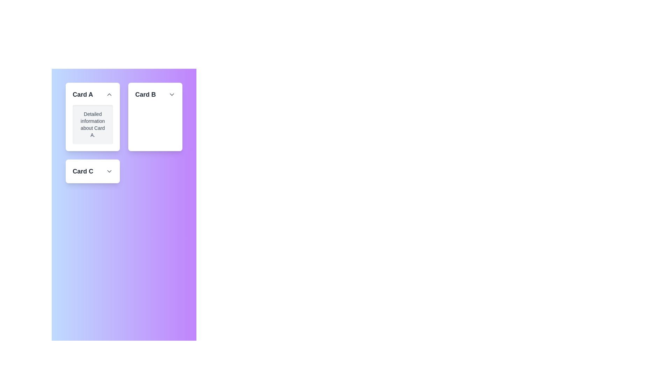 The image size is (671, 377). What do you see at coordinates (109, 94) in the screenshot?
I see `the Icon button located in the top-right corner of 'Card A'` at bounding box center [109, 94].